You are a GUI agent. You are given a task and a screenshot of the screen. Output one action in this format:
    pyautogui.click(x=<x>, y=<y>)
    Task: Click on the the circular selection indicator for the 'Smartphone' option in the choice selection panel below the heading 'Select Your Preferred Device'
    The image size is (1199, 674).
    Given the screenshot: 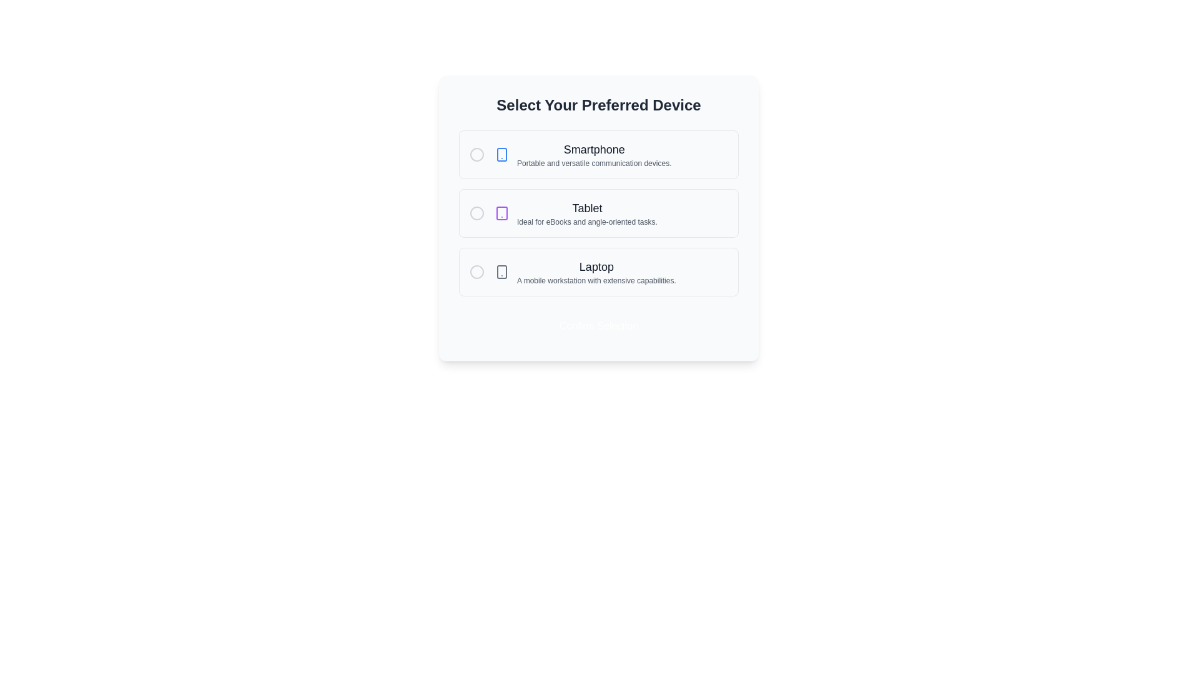 What is the action you would take?
    pyautogui.click(x=476, y=154)
    